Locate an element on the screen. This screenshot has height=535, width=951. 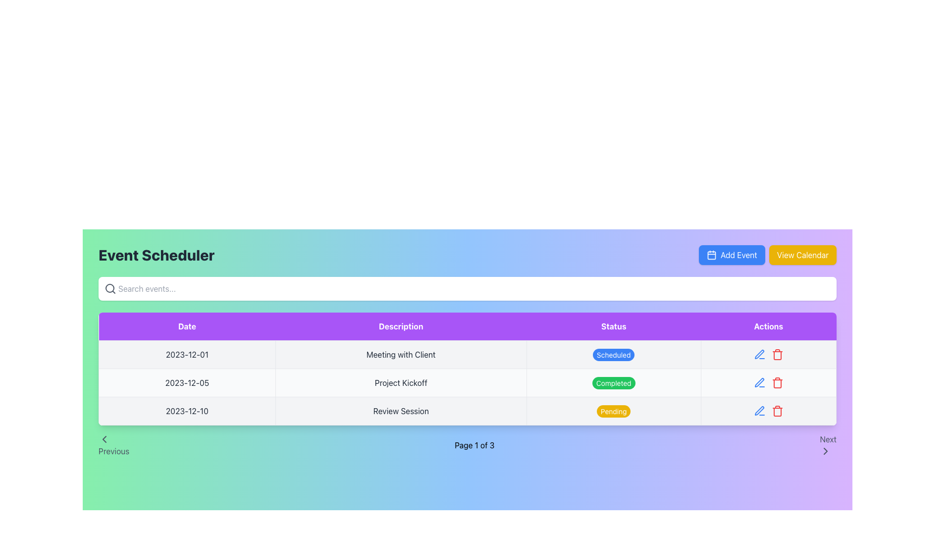
the trash bin icon in the 'Actions' column of the last row of the table is located at coordinates (767, 411).